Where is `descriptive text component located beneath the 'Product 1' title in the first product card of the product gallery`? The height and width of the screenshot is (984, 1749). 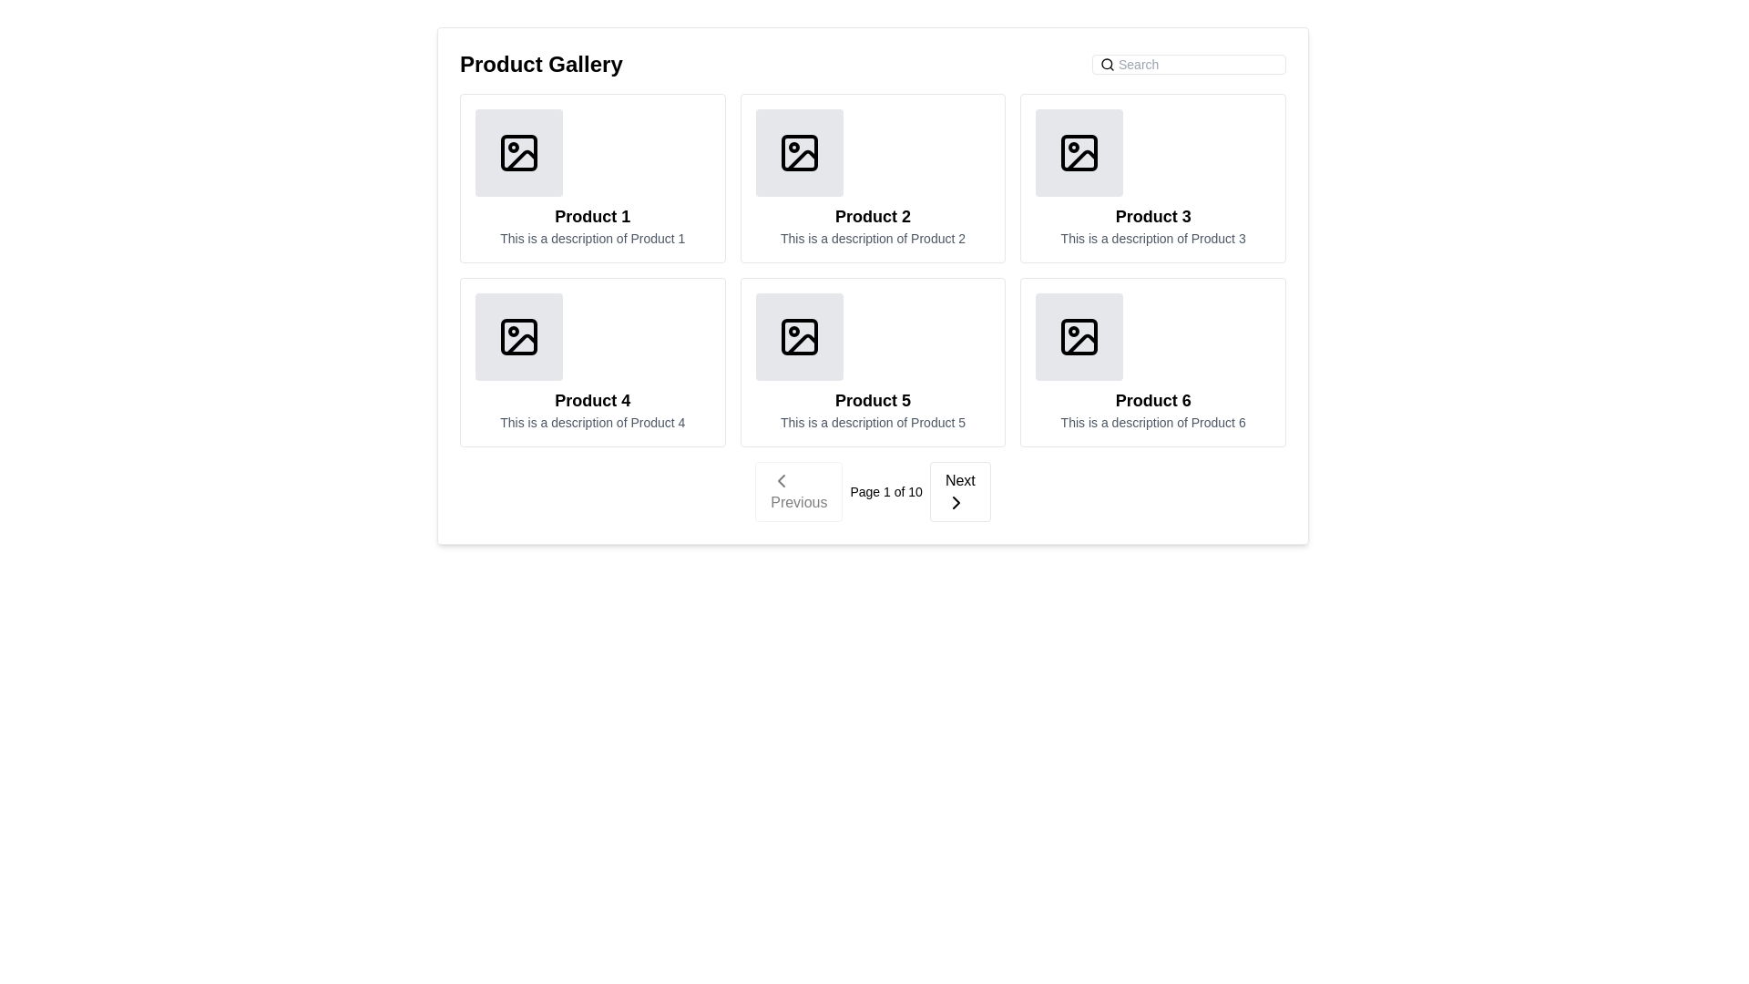
descriptive text component located beneath the 'Product 1' title in the first product card of the product gallery is located at coordinates (592, 238).